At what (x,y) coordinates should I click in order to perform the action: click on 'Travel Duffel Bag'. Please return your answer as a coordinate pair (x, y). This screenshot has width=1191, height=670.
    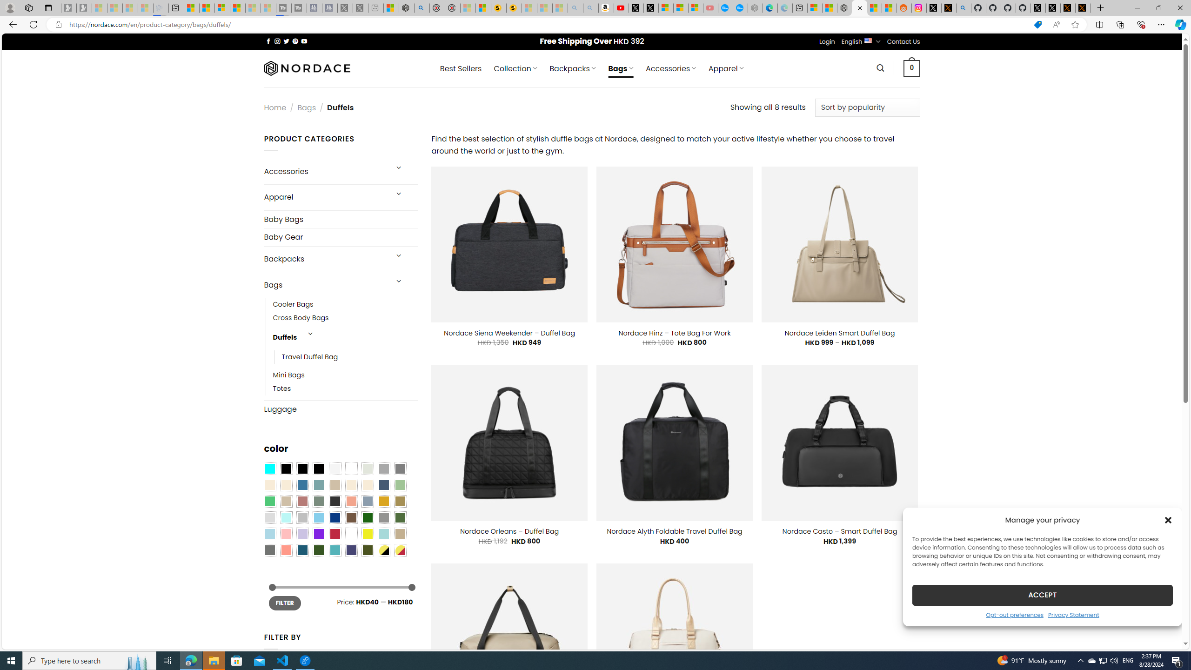
    Looking at the image, I should click on (349, 357).